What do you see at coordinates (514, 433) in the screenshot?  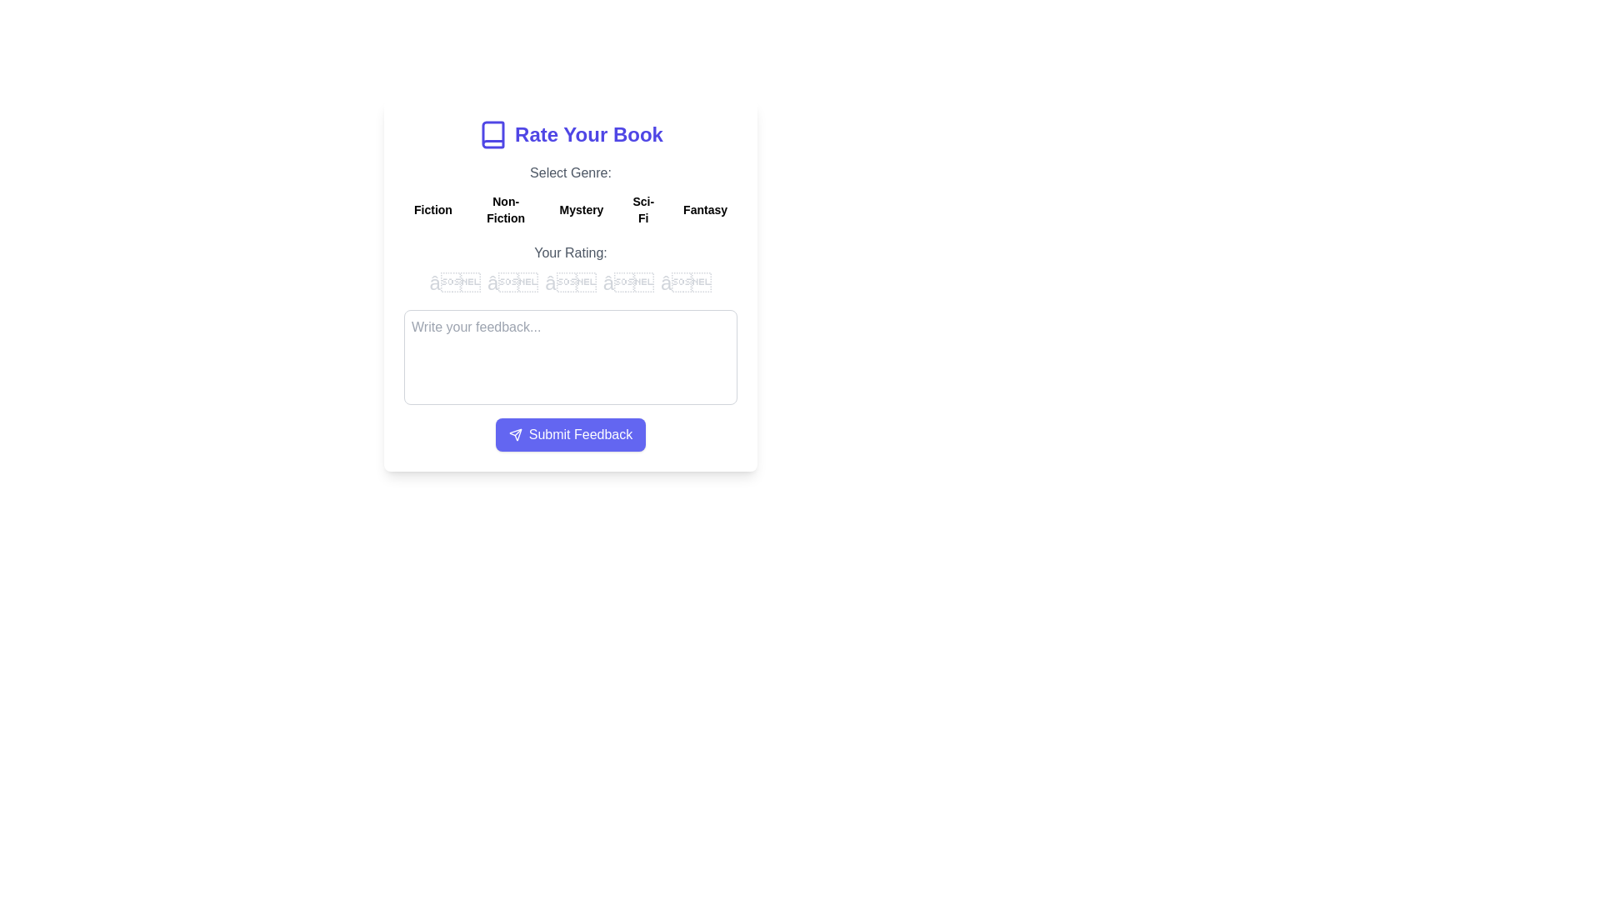 I see `the SVG icon located on the left side of the 'Submit Feedback' button, which has a purple background and white text` at bounding box center [514, 433].